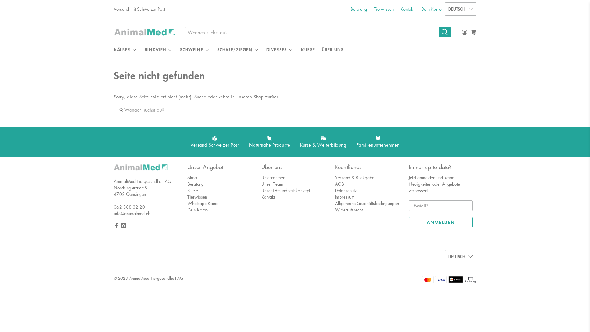 This screenshot has width=590, height=332. What do you see at coordinates (285, 190) in the screenshot?
I see `'Unser Gesundheitskonzept'` at bounding box center [285, 190].